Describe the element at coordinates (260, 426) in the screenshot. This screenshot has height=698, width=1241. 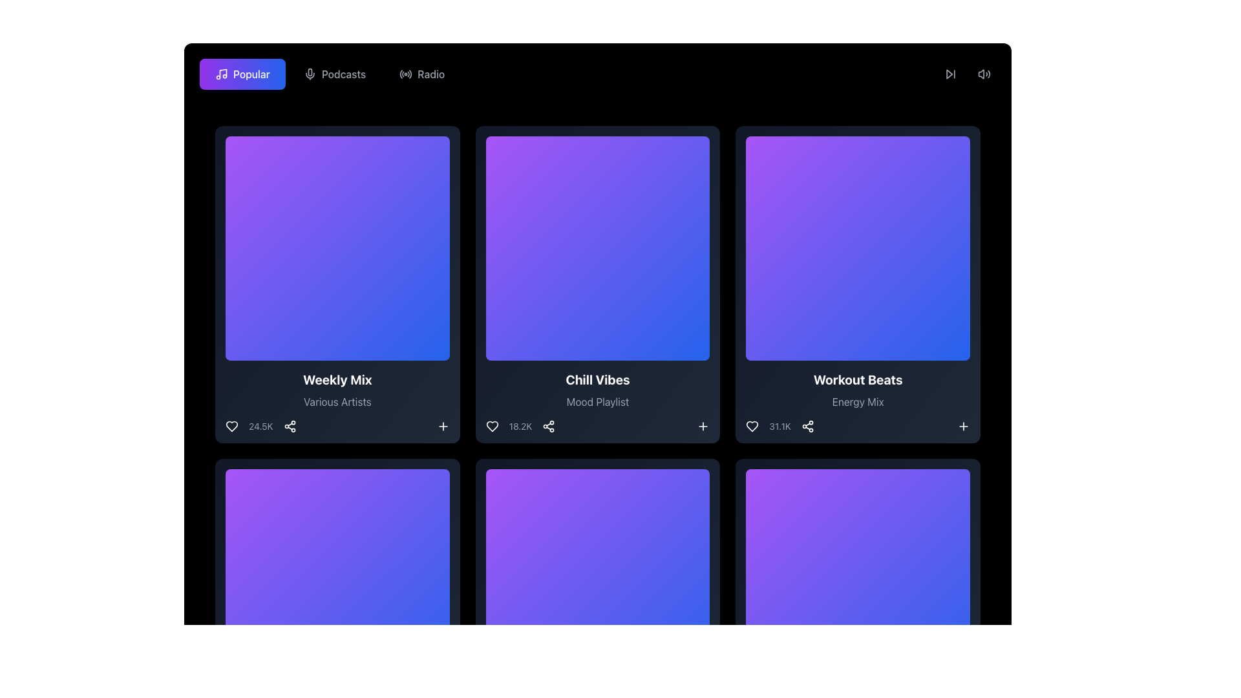
I see `on the text component displaying '24.5K' located in the footer section of the 'Weekly Mix' card, positioned between a heart icon and a share icon` at that location.